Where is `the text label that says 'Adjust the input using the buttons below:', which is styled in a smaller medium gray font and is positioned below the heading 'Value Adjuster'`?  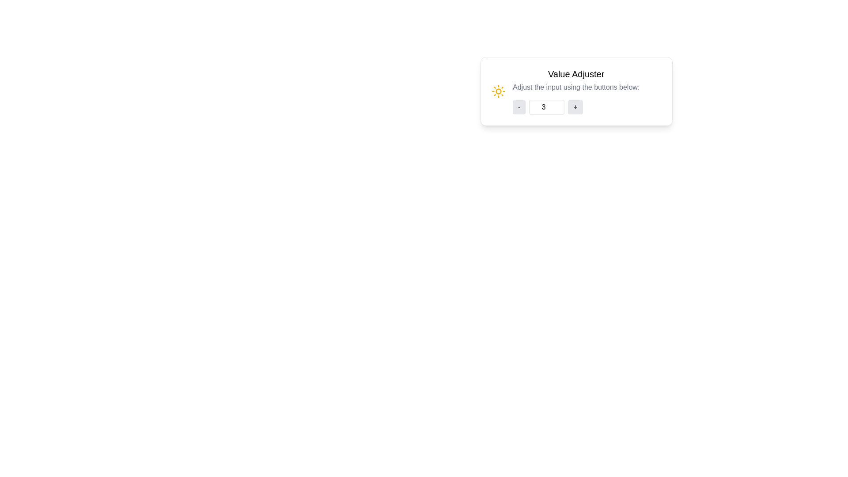
the text label that says 'Adjust the input using the buttons below:', which is styled in a smaller medium gray font and is positioned below the heading 'Value Adjuster' is located at coordinates (576, 87).